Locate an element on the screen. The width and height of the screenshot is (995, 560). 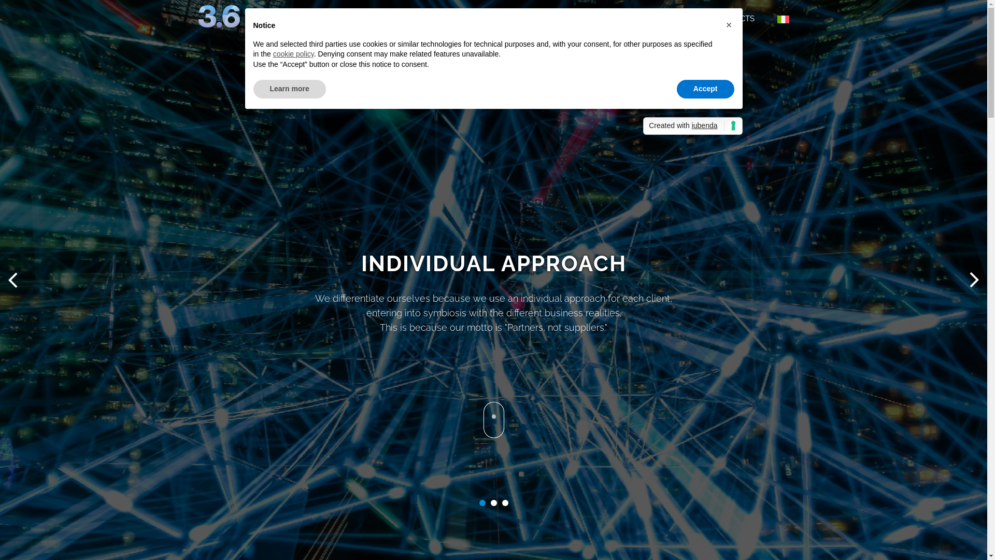
'CONTACTS' is located at coordinates (733, 18).